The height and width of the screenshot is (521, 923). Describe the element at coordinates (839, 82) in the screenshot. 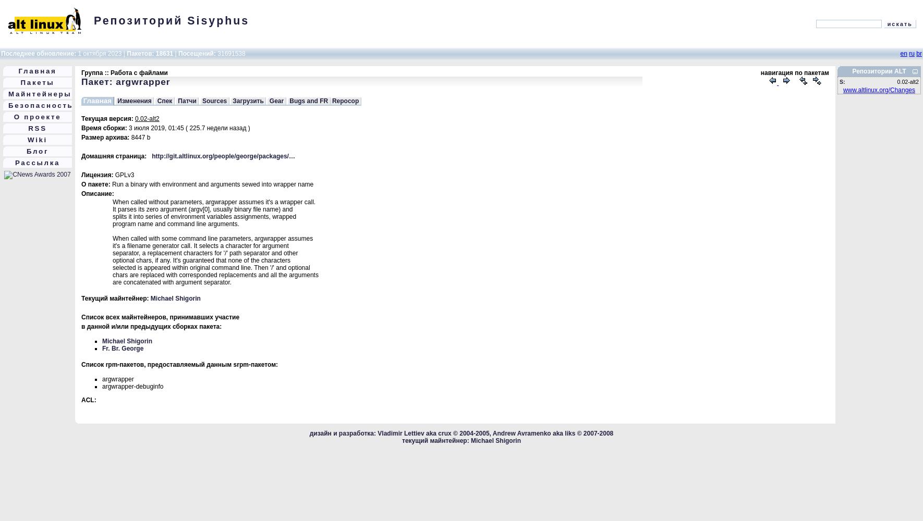

I see `'S:'` at that location.